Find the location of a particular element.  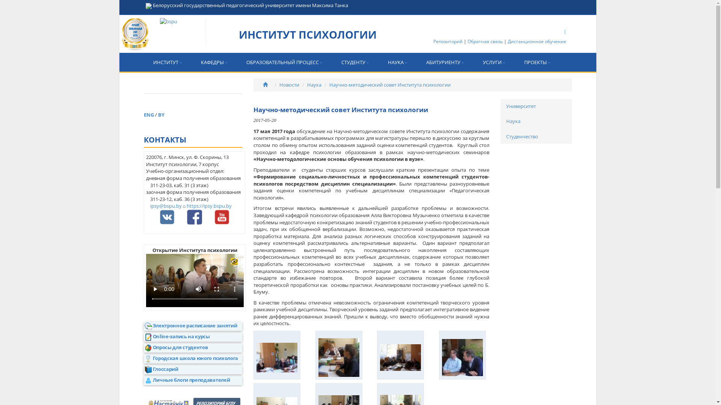

'https://ipsy.bspu.by' is located at coordinates (209, 205).